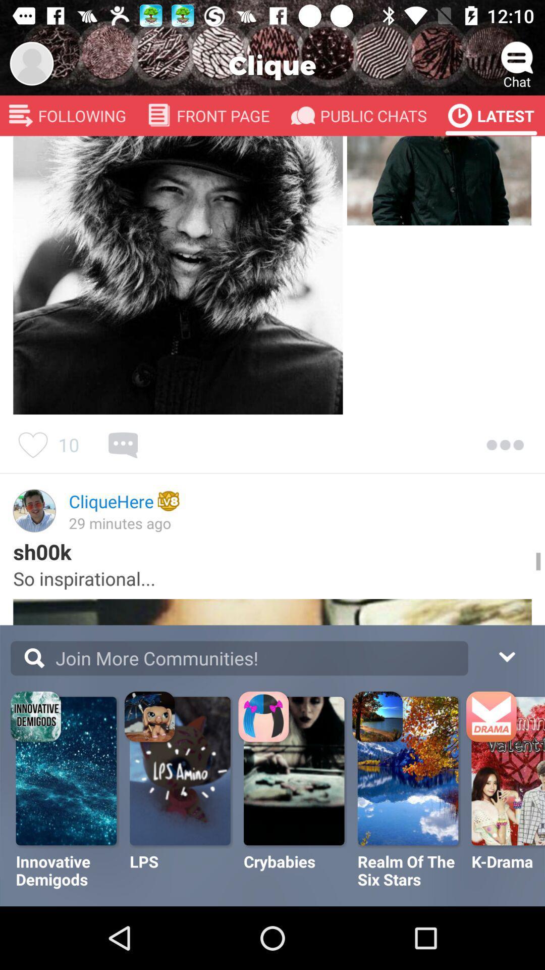 The height and width of the screenshot is (970, 545). What do you see at coordinates (506, 655) in the screenshot?
I see `the expand_more icon` at bounding box center [506, 655].